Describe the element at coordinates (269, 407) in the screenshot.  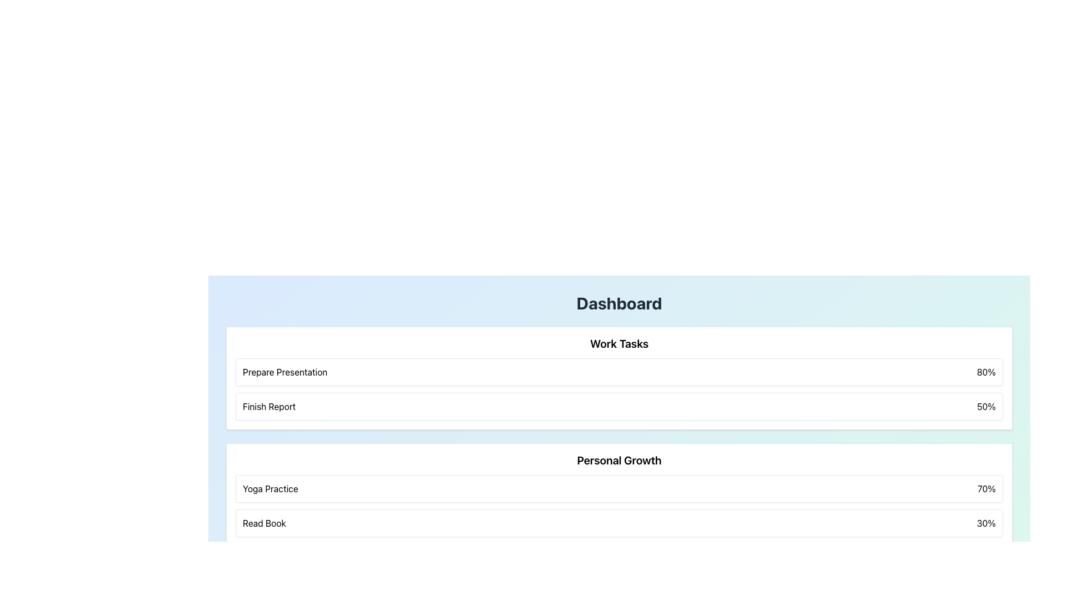
I see `the 'Finish Report' text label located in the 'Work Tasks' section of the dashboard, positioned left-aligned below 'Prepare Presentation' and beside '50%'` at that location.